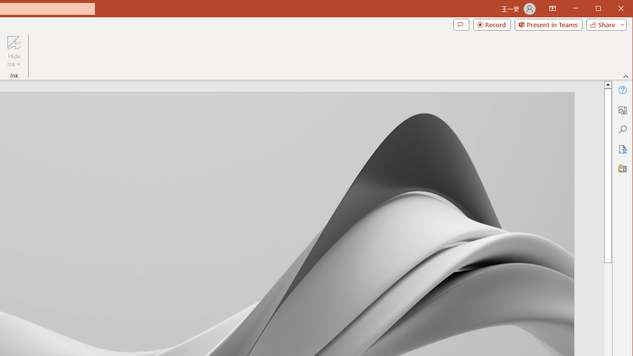  What do you see at coordinates (607, 84) in the screenshot?
I see `'Line up'` at bounding box center [607, 84].